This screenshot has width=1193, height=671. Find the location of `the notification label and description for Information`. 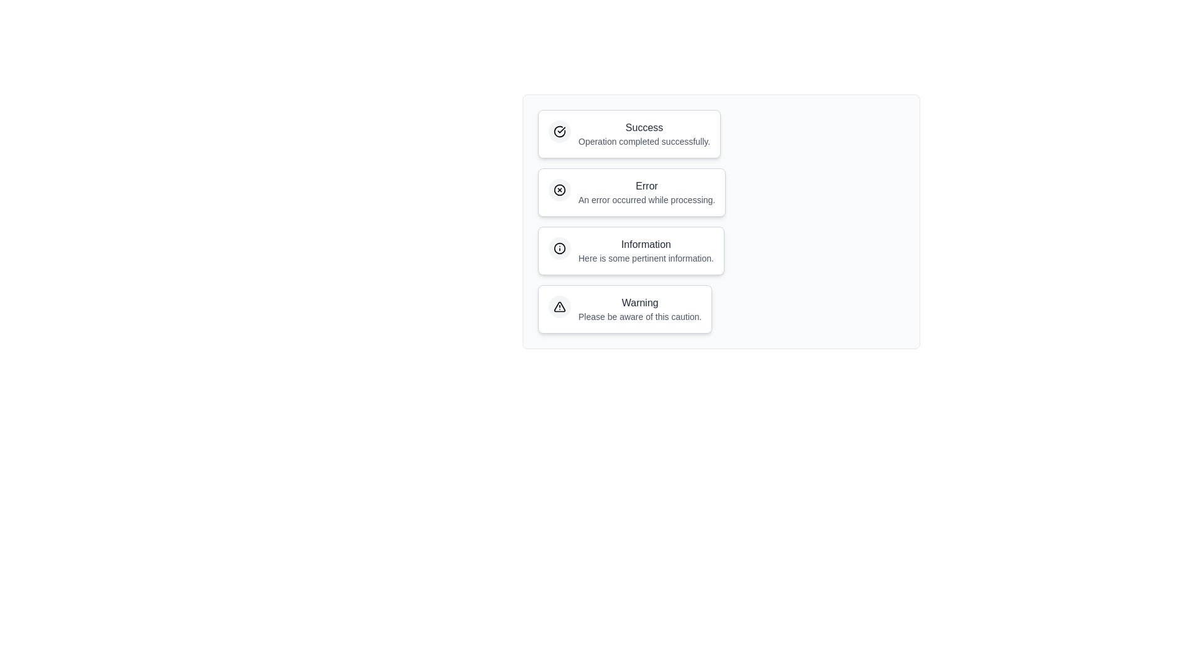

the notification label and description for Information is located at coordinates (631, 251).